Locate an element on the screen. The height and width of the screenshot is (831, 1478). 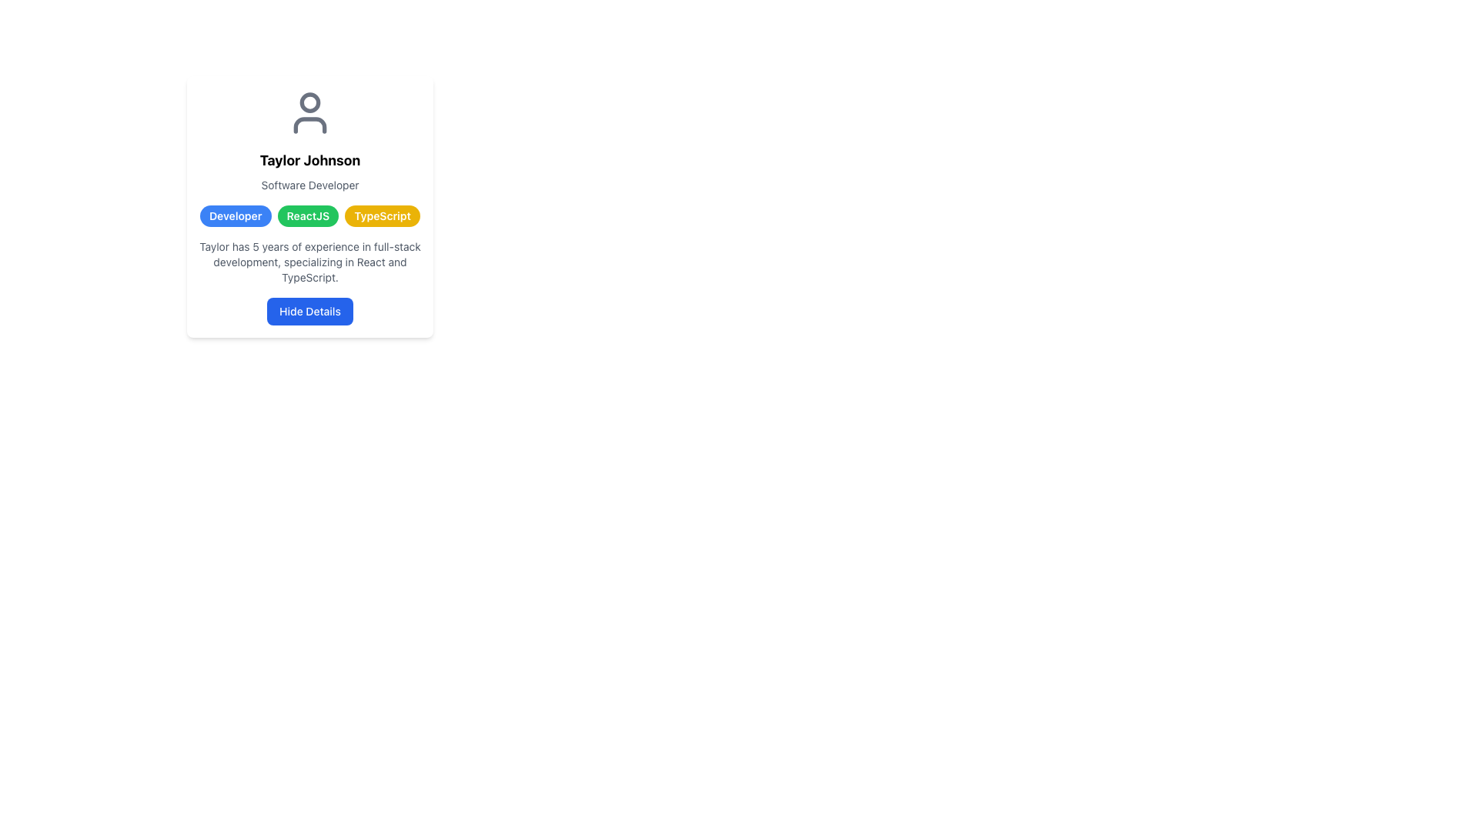
the static text element that designates the job role of 'Taylor Johnson,' located in a card-style component just below the title and above the tags 'Developer,' 'ReactJS,' and 'TypeScript.' is located at coordinates (309, 184).